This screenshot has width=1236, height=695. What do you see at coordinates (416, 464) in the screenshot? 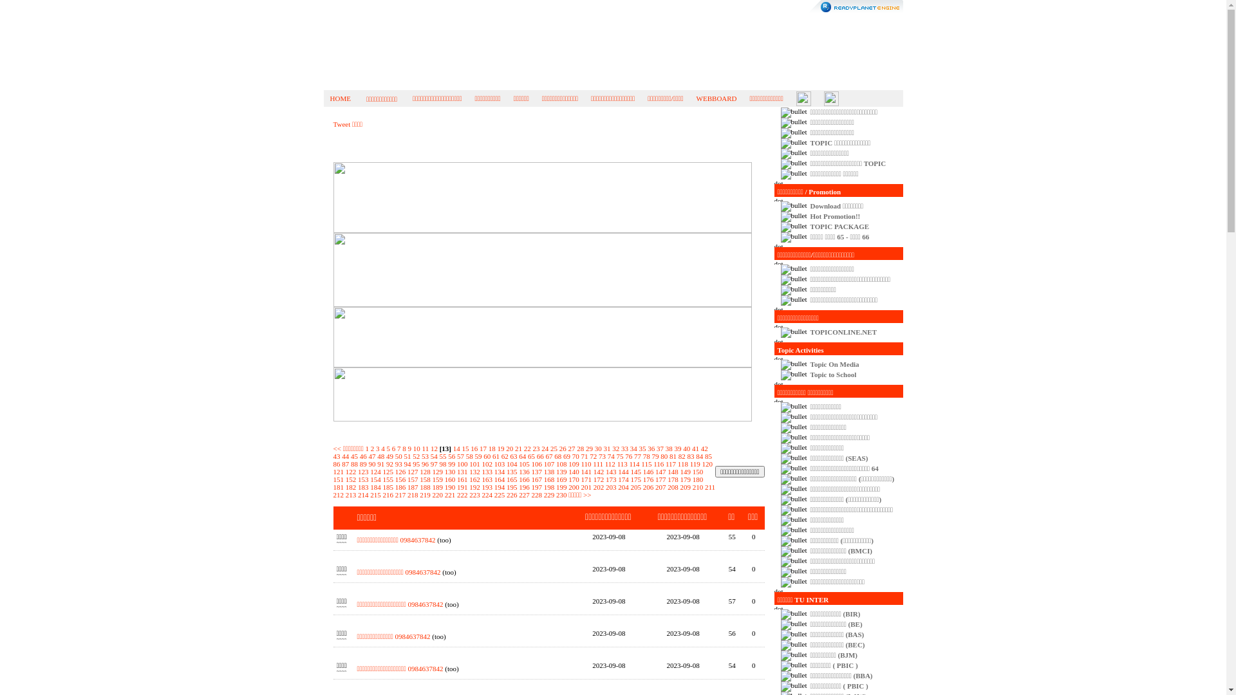
I see `'95'` at bounding box center [416, 464].